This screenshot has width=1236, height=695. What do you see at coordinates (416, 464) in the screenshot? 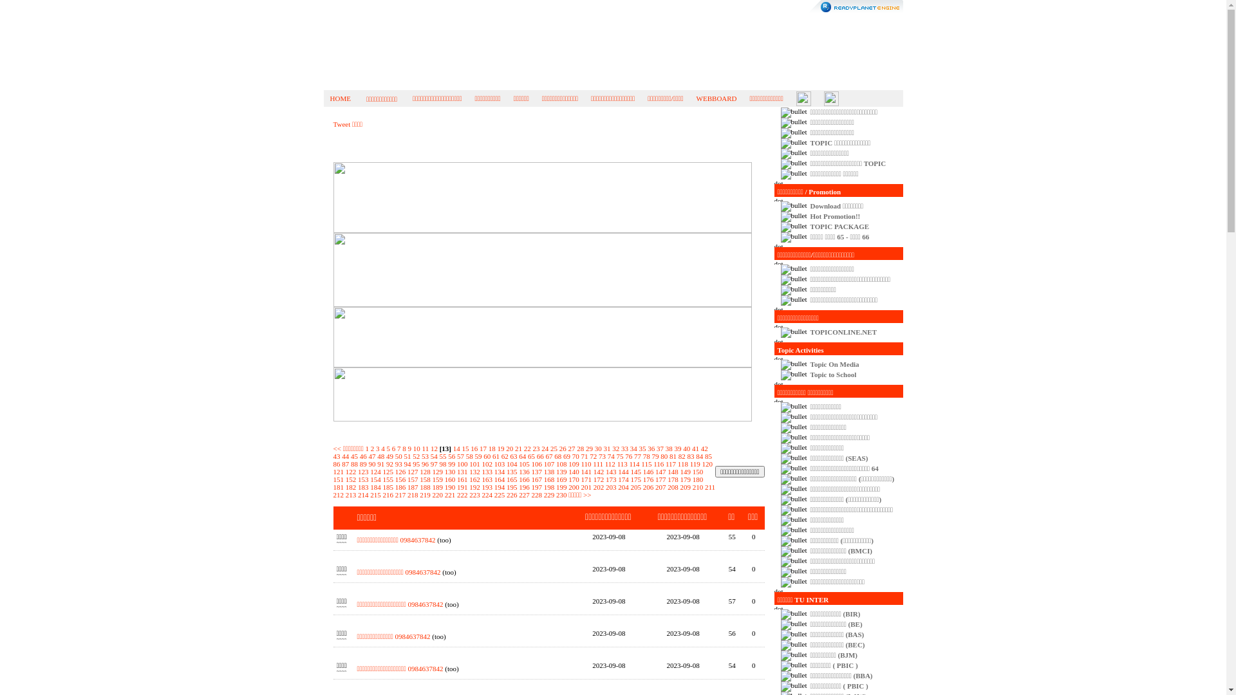
I see `'95'` at bounding box center [416, 464].